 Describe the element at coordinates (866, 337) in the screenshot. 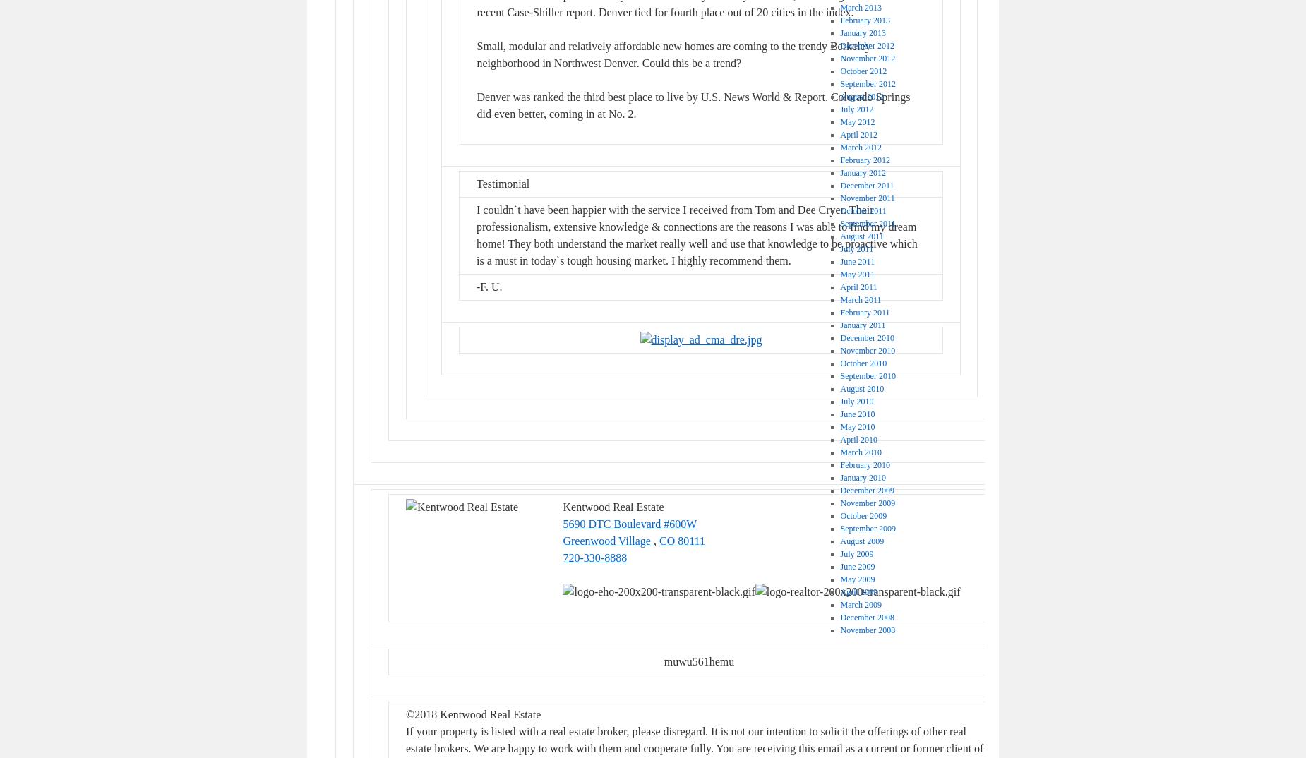

I see `'December 2010'` at that location.